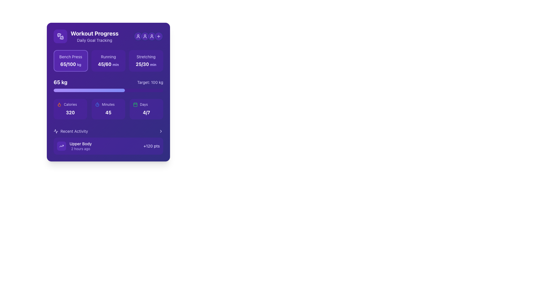  What do you see at coordinates (115, 64) in the screenshot?
I see `the text label indicating the time unit for the '45/60' running progress metric located to the right of the '45/60' text in the 'Running' section` at bounding box center [115, 64].